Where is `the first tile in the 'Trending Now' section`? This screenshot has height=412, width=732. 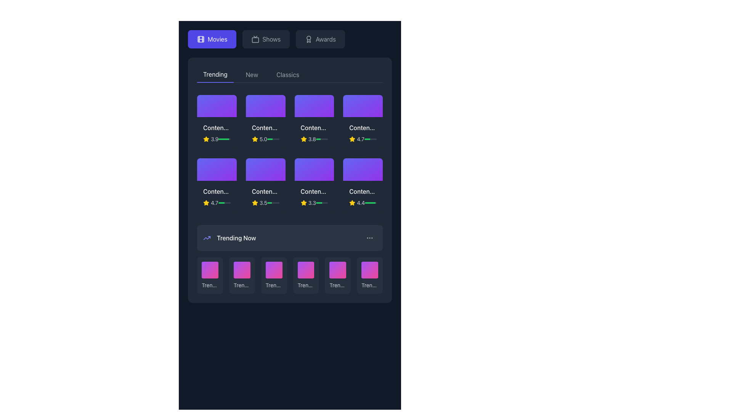
the first tile in the 'Trending Now' section is located at coordinates (210, 269).